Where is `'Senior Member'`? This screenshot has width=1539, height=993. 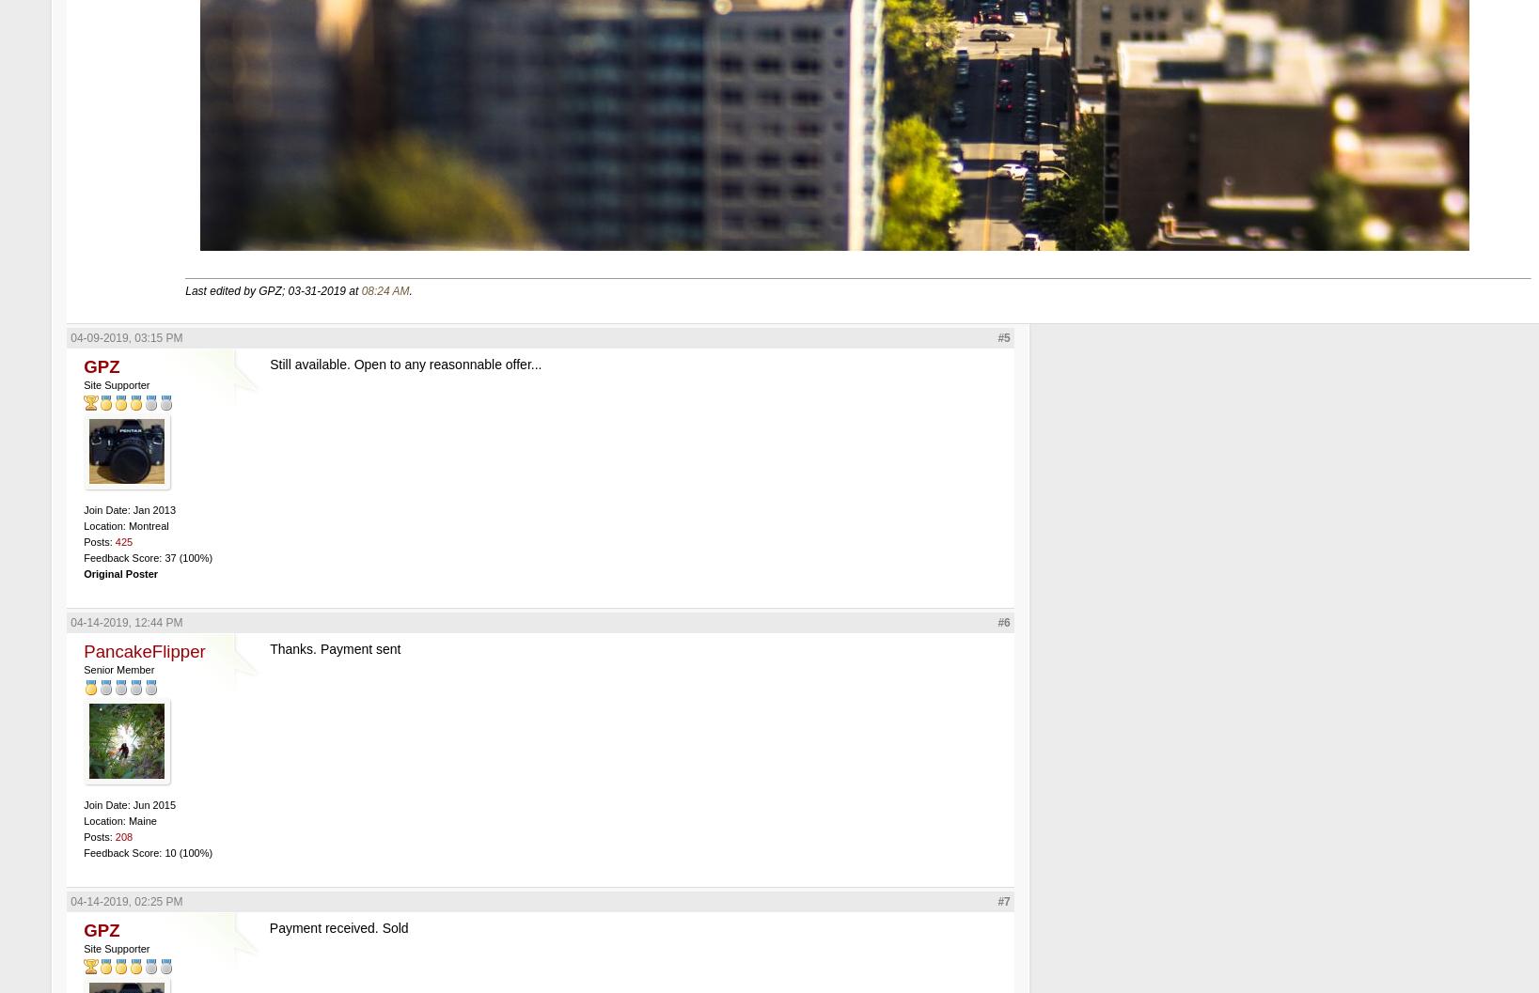 'Senior Member' is located at coordinates (84, 667).